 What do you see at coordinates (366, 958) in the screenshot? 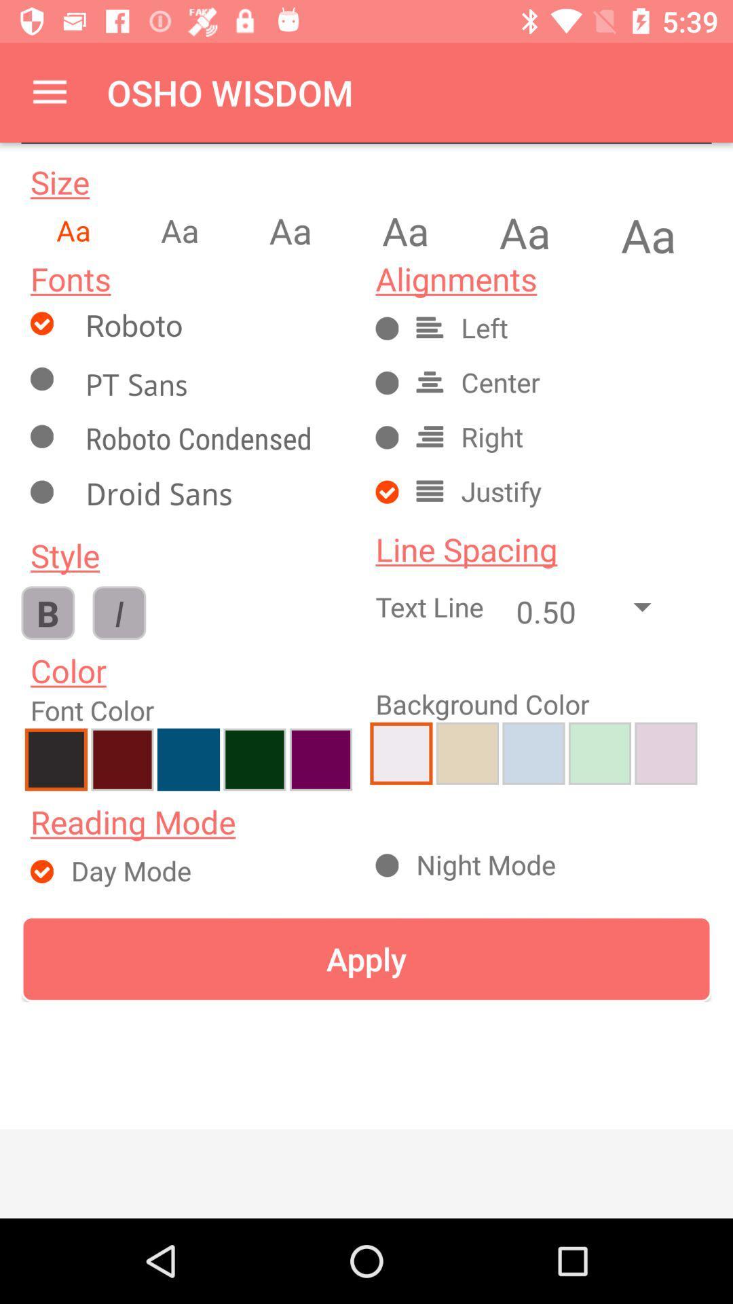
I see `item below the day mode` at bounding box center [366, 958].